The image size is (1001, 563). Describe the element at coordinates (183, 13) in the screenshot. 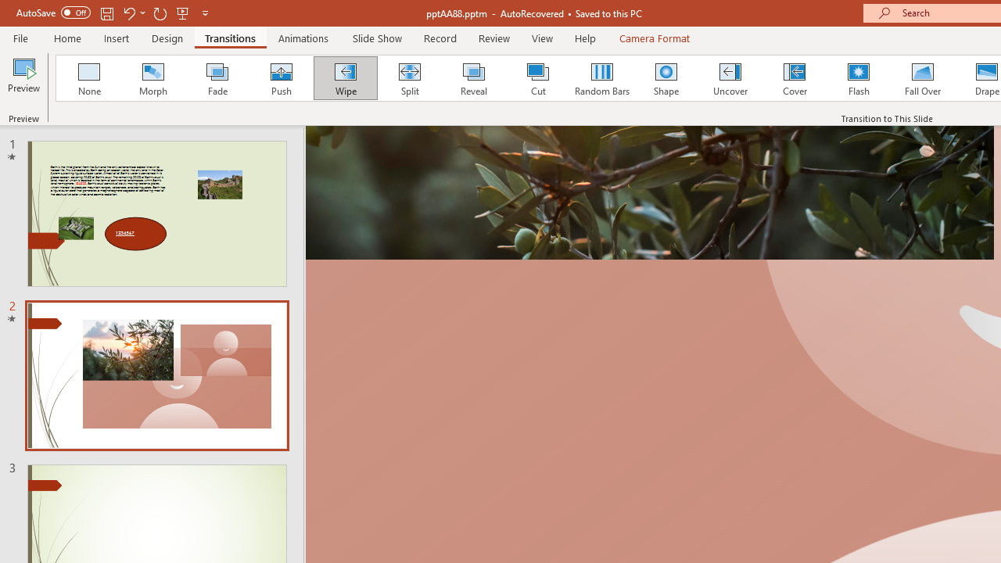

I see `'From Beginning'` at that location.